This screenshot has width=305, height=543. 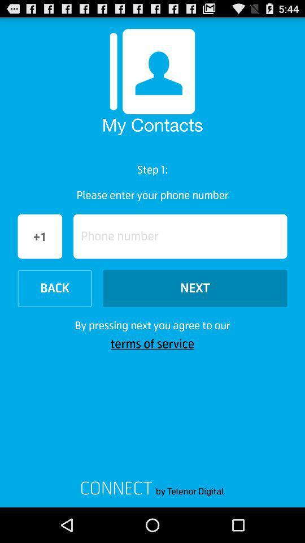 I want to click on the option of phone number above next, so click(x=180, y=236).